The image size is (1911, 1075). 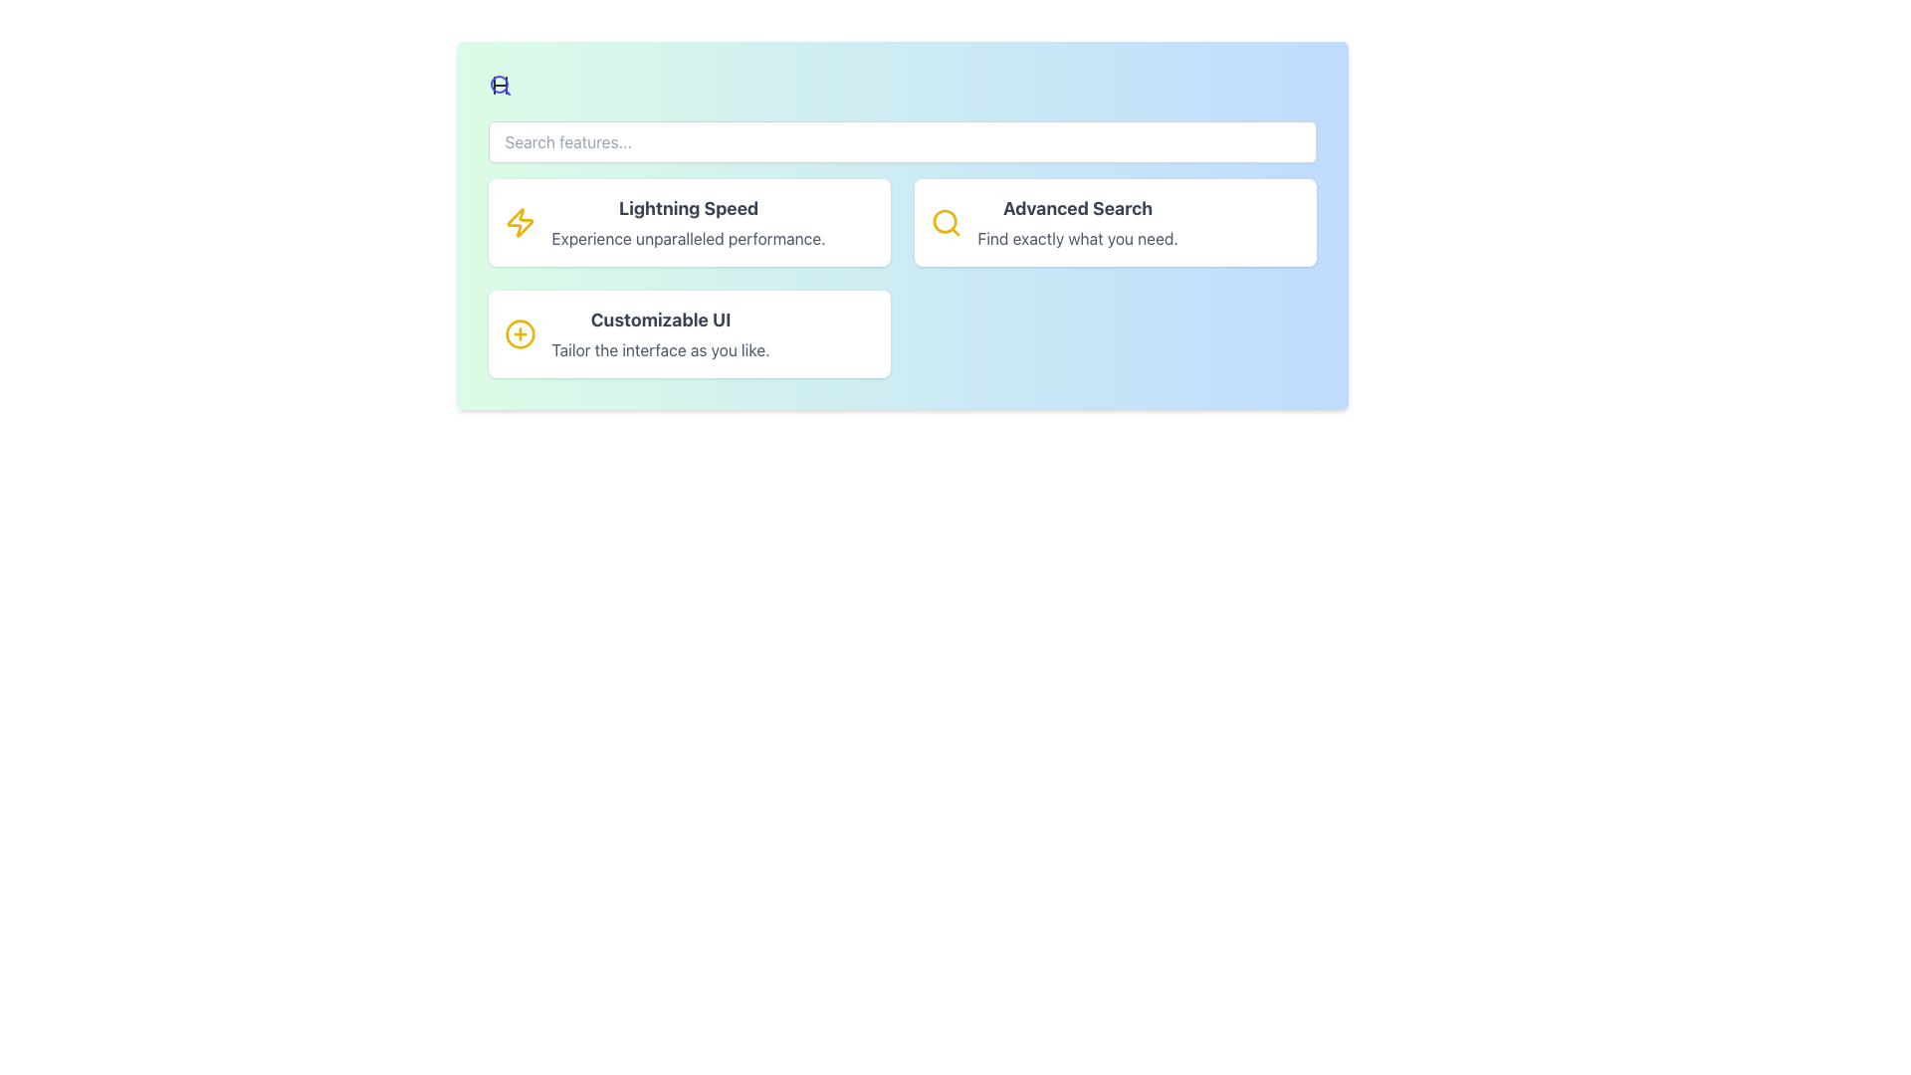 I want to click on informational text content located in the third card from the left, beneath the search bar and to the left of the 'Advanced Search' panel, so click(x=661, y=332).